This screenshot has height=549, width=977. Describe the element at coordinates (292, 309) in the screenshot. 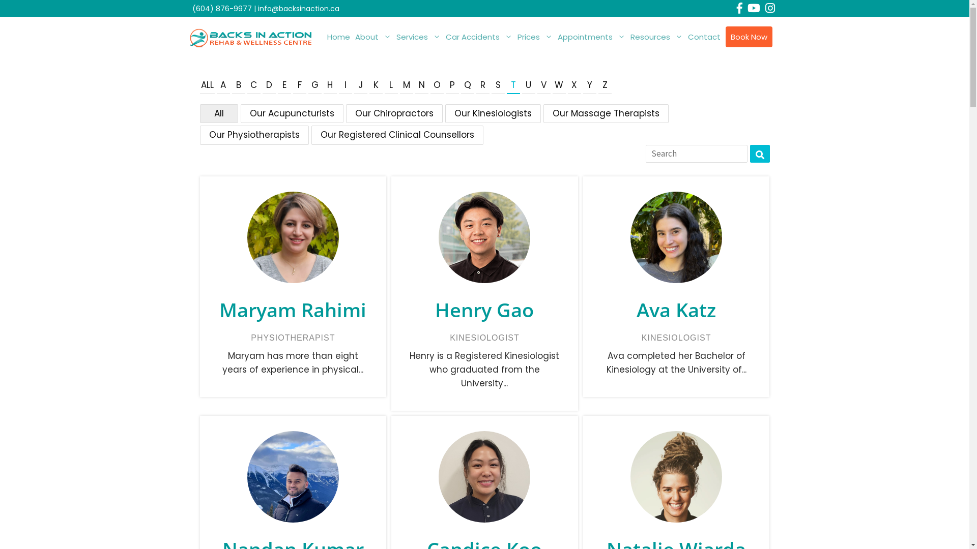

I see `'Maryam Rahimi'` at that location.